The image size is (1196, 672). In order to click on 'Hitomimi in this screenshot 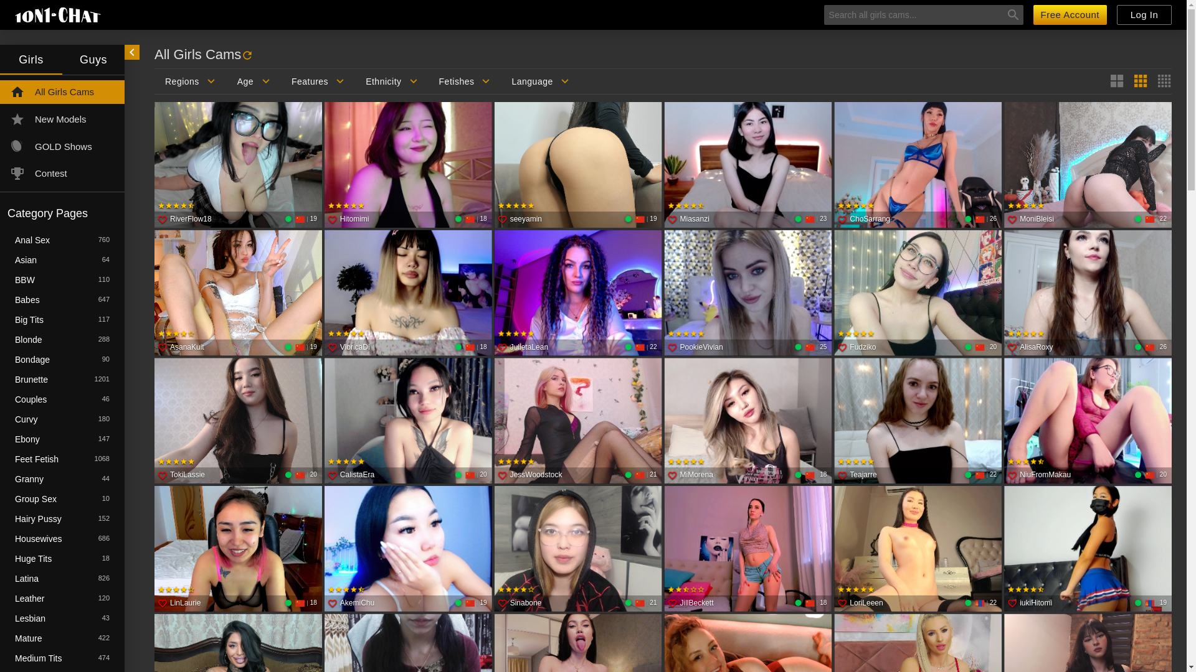, I will do `click(325, 165)`.